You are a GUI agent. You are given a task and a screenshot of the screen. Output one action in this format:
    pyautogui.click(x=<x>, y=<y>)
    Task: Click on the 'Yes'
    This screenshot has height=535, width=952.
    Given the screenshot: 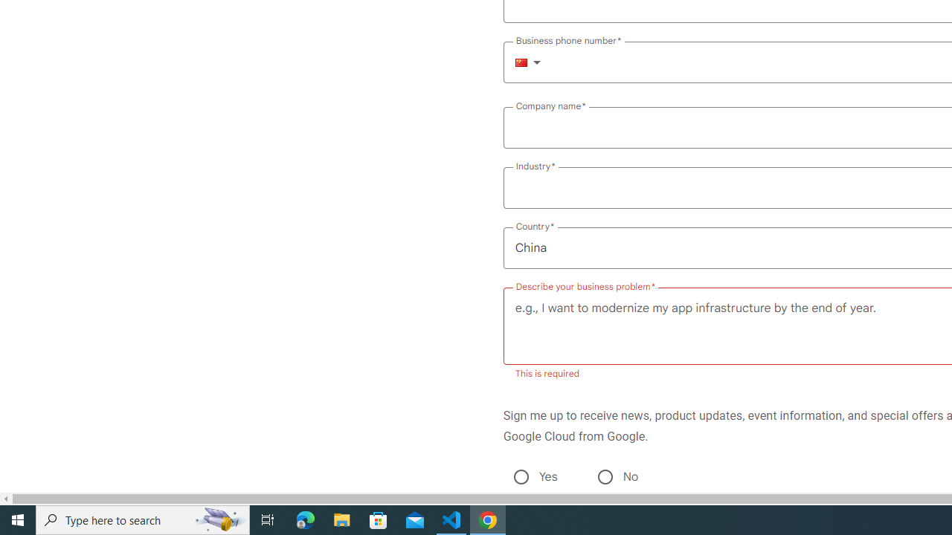 What is the action you would take?
    pyautogui.click(x=521, y=476)
    